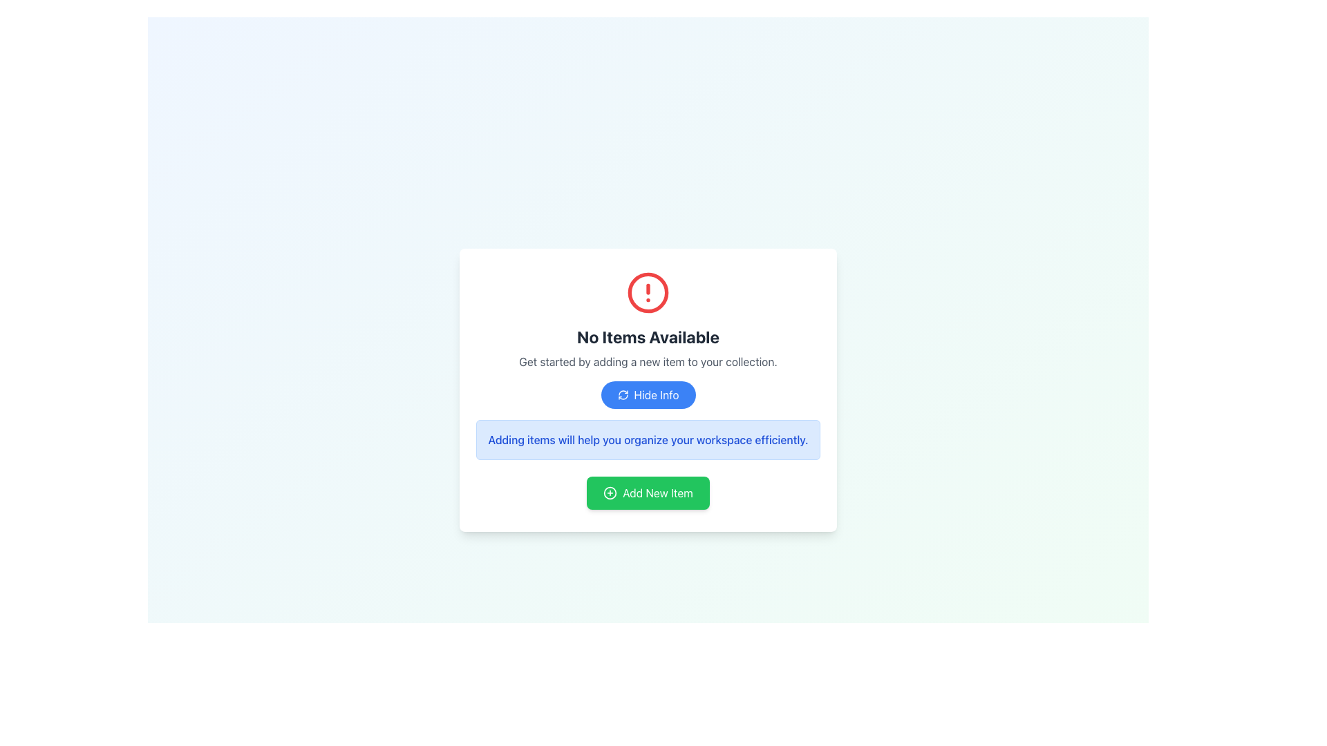 This screenshot has height=746, width=1327. Describe the element at coordinates (647, 439) in the screenshot. I see `the informative text element that advises users about the benefits of adding items to their workspace, which is centrally positioned within a blue-bordered rectangular section, located below the 'Hide Info' button and above the 'Add New Item' button` at that location.